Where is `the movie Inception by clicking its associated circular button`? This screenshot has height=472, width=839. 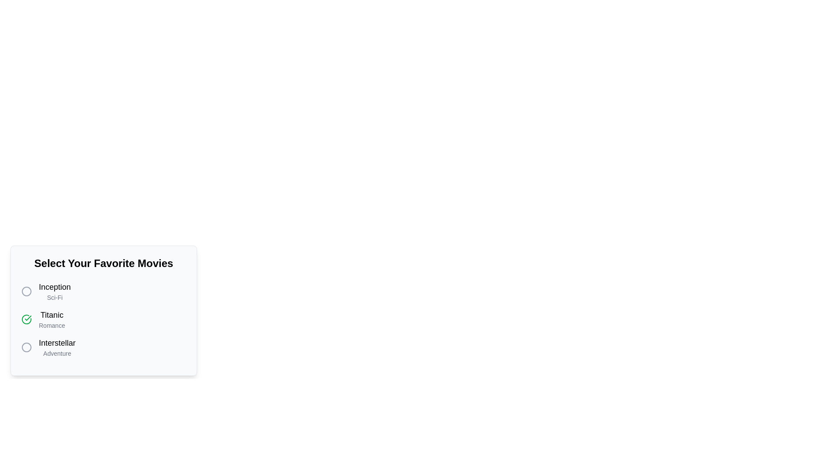
the movie Inception by clicking its associated circular button is located at coordinates (27, 292).